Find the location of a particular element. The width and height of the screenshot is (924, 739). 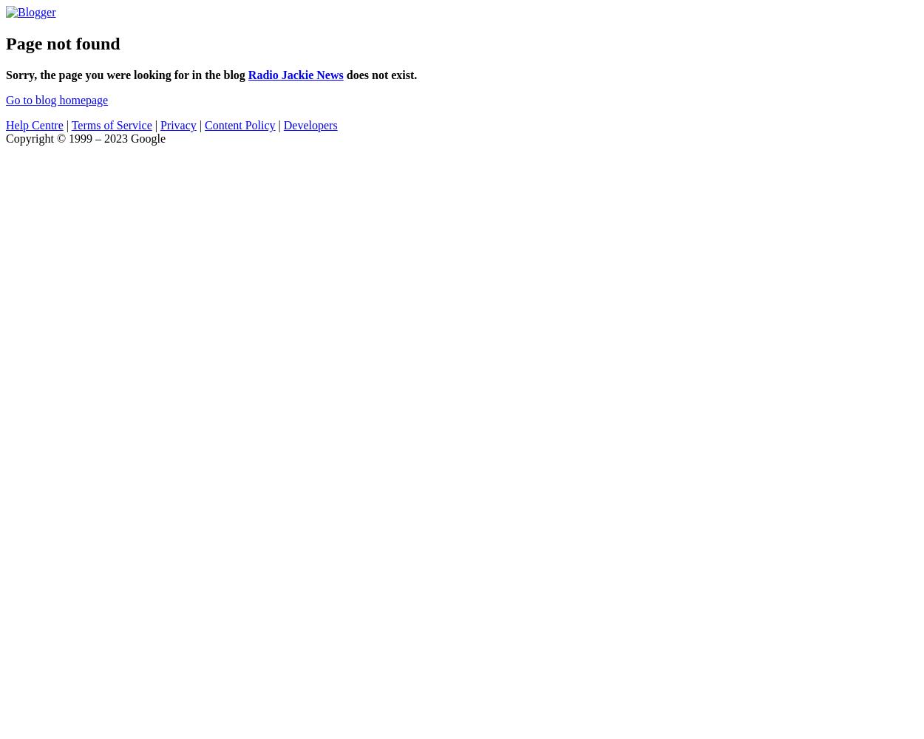

'Developers' is located at coordinates (310, 124).